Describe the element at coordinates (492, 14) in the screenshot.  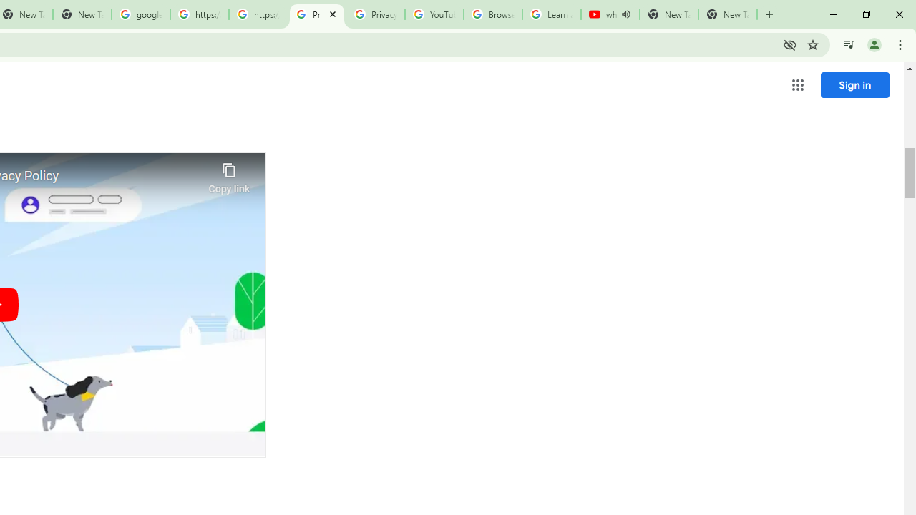
I see `'Browse Chrome as a guest - Computer - Google Chrome Help'` at that location.